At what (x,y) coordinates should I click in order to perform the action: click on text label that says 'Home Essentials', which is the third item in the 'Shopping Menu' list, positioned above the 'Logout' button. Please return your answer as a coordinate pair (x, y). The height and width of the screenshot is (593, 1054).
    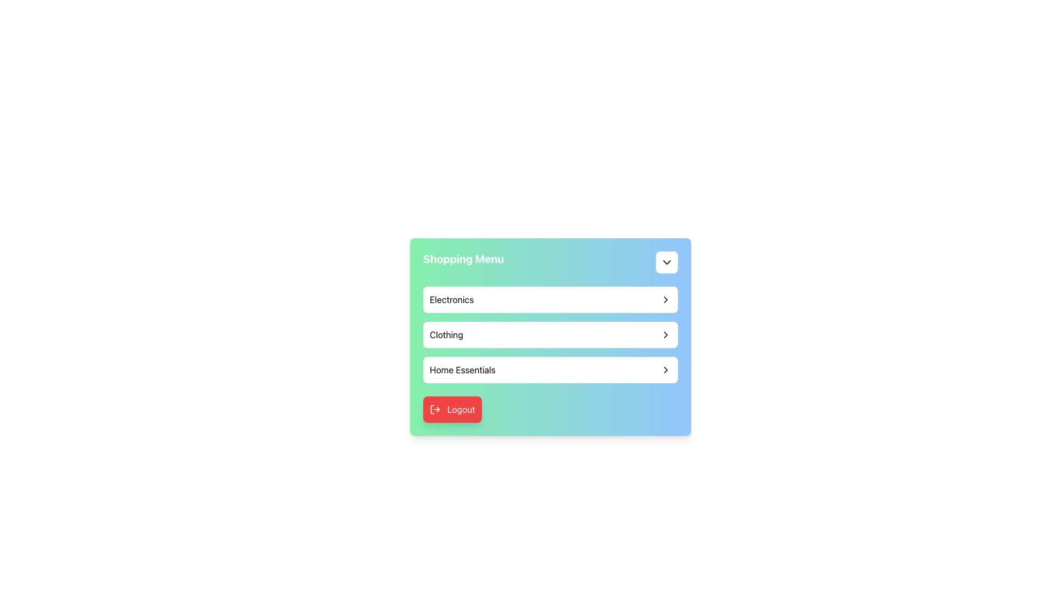
    Looking at the image, I should click on (462, 370).